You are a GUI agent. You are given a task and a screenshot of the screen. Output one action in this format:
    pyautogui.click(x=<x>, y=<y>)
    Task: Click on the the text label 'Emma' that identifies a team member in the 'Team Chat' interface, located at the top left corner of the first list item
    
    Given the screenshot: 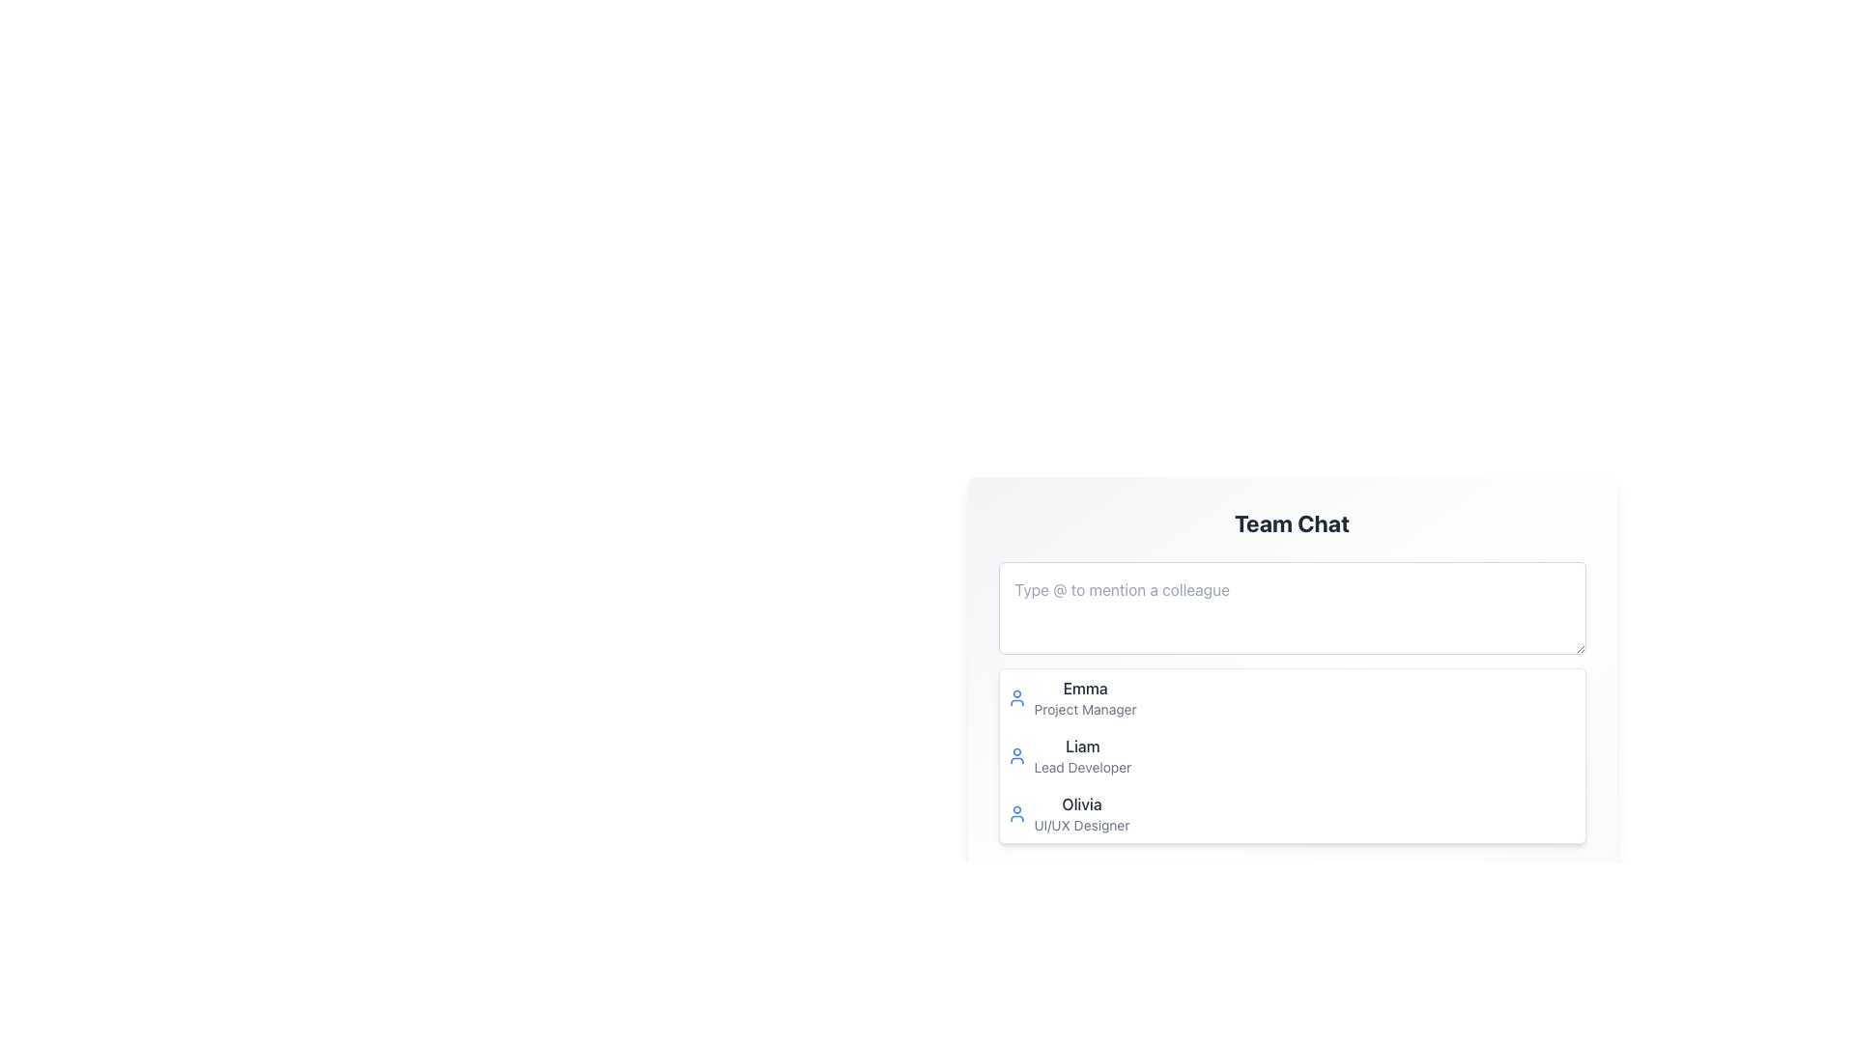 What is the action you would take?
    pyautogui.click(x=1085, y=688)
    